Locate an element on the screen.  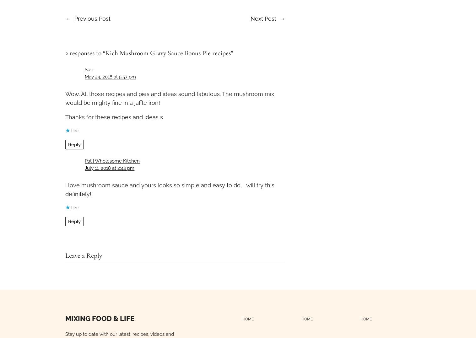
'July 11, 2018 at 2:44 pm' is located at coordinates (84, 168).